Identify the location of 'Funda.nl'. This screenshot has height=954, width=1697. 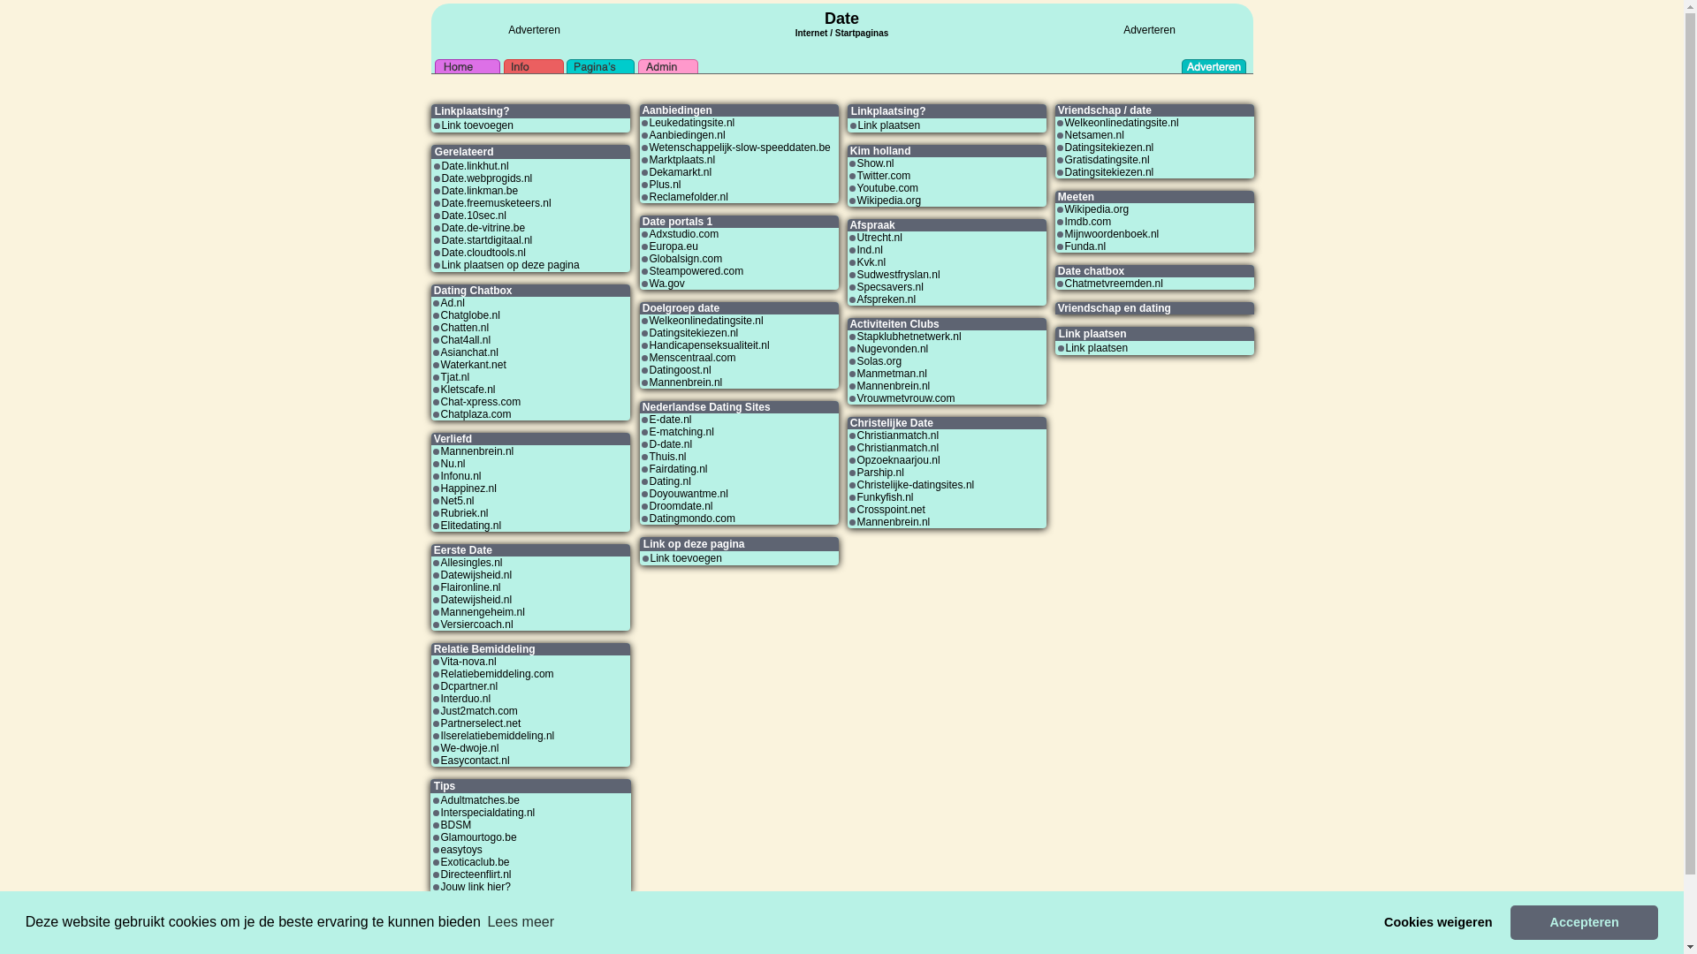
(1084, 246).